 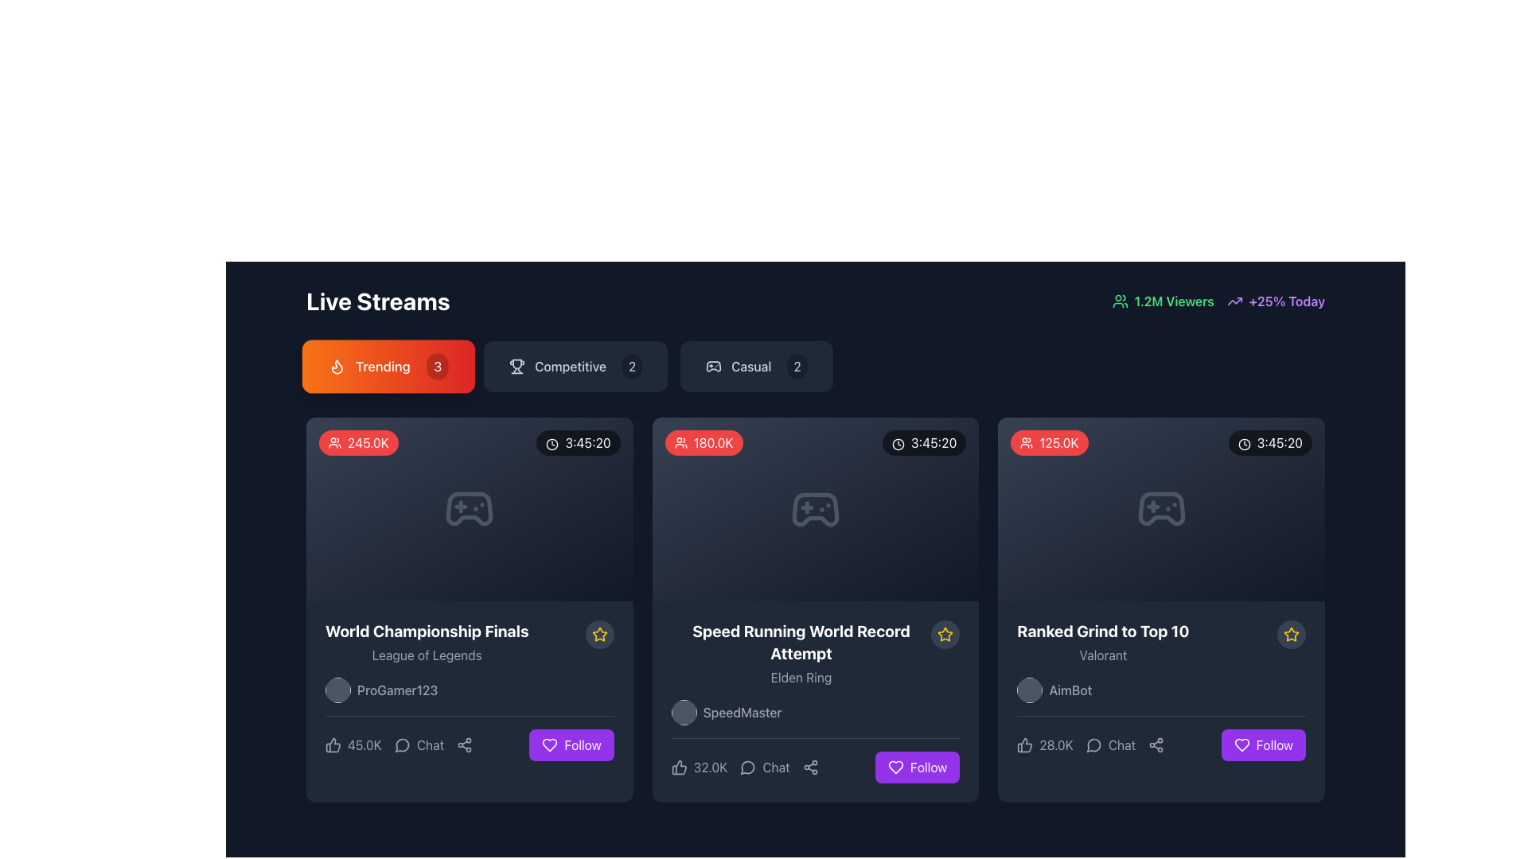 What do you see at coordinates (332, 744) in the screenshot?
I see `the thumbs-up icon button located in the bottom left corner of the 'World Championship Finals' card` at bounding box center [332, 744].